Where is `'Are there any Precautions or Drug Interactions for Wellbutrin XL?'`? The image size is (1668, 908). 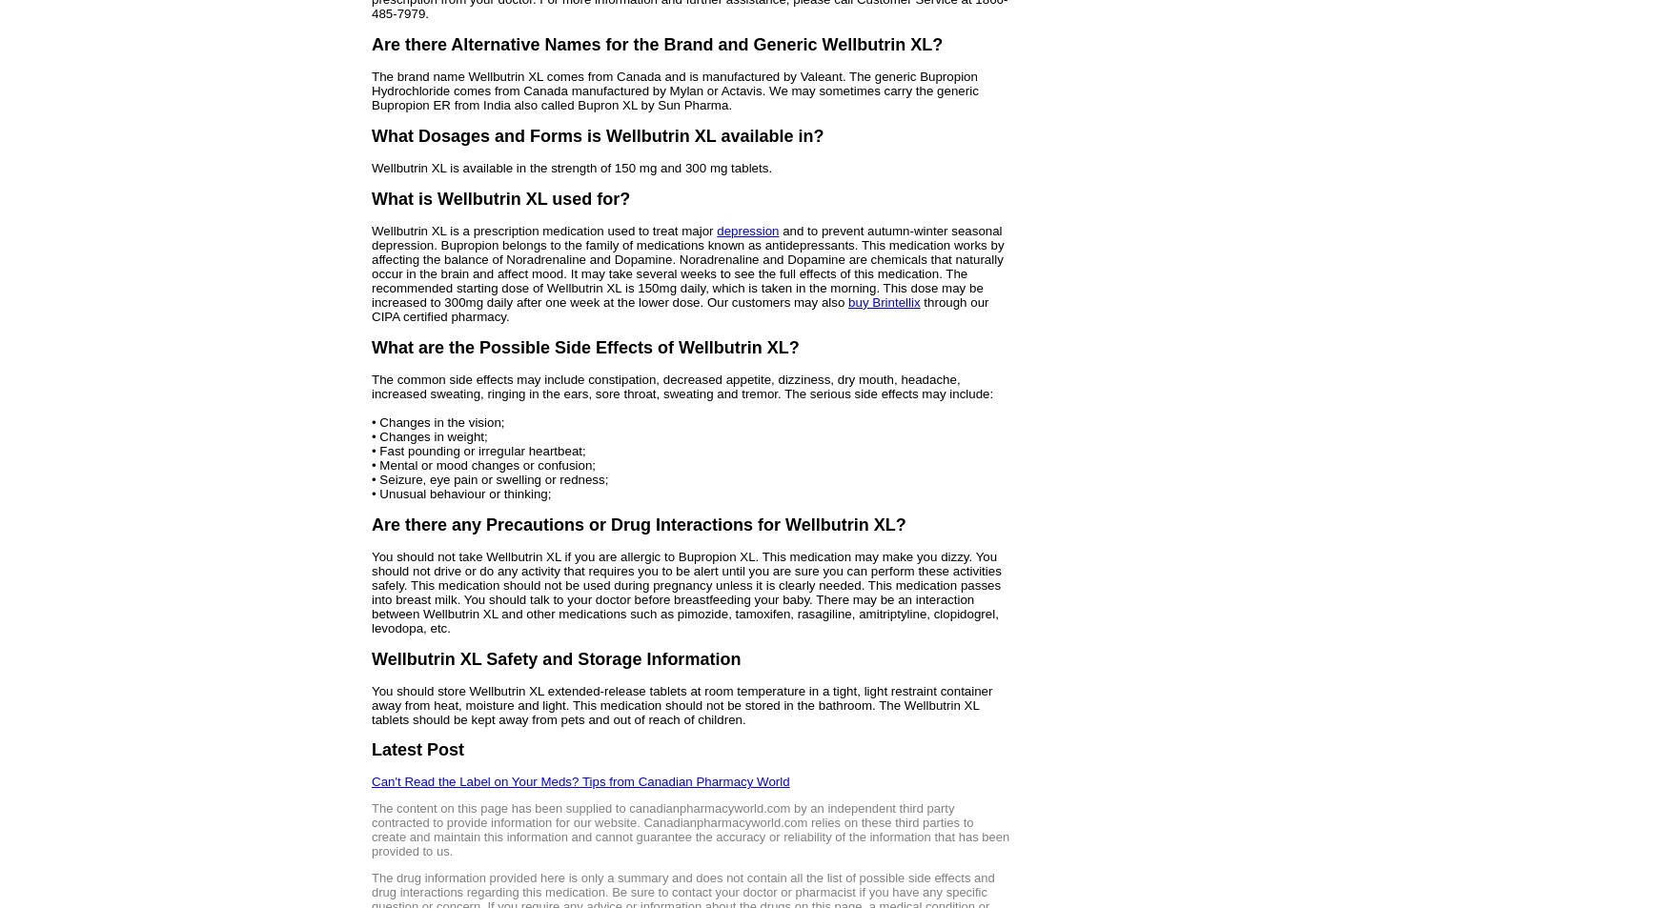 'Are there any Precautions or Drug Interactions for Wellbutrin XL?' is located at coordinates (371, 523).